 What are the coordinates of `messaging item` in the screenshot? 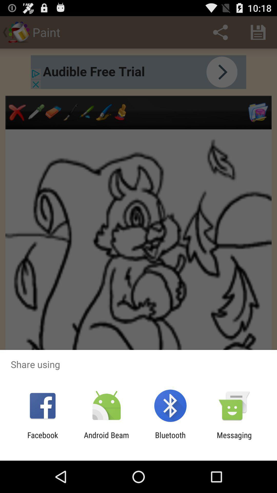 It's located at (234, 439).